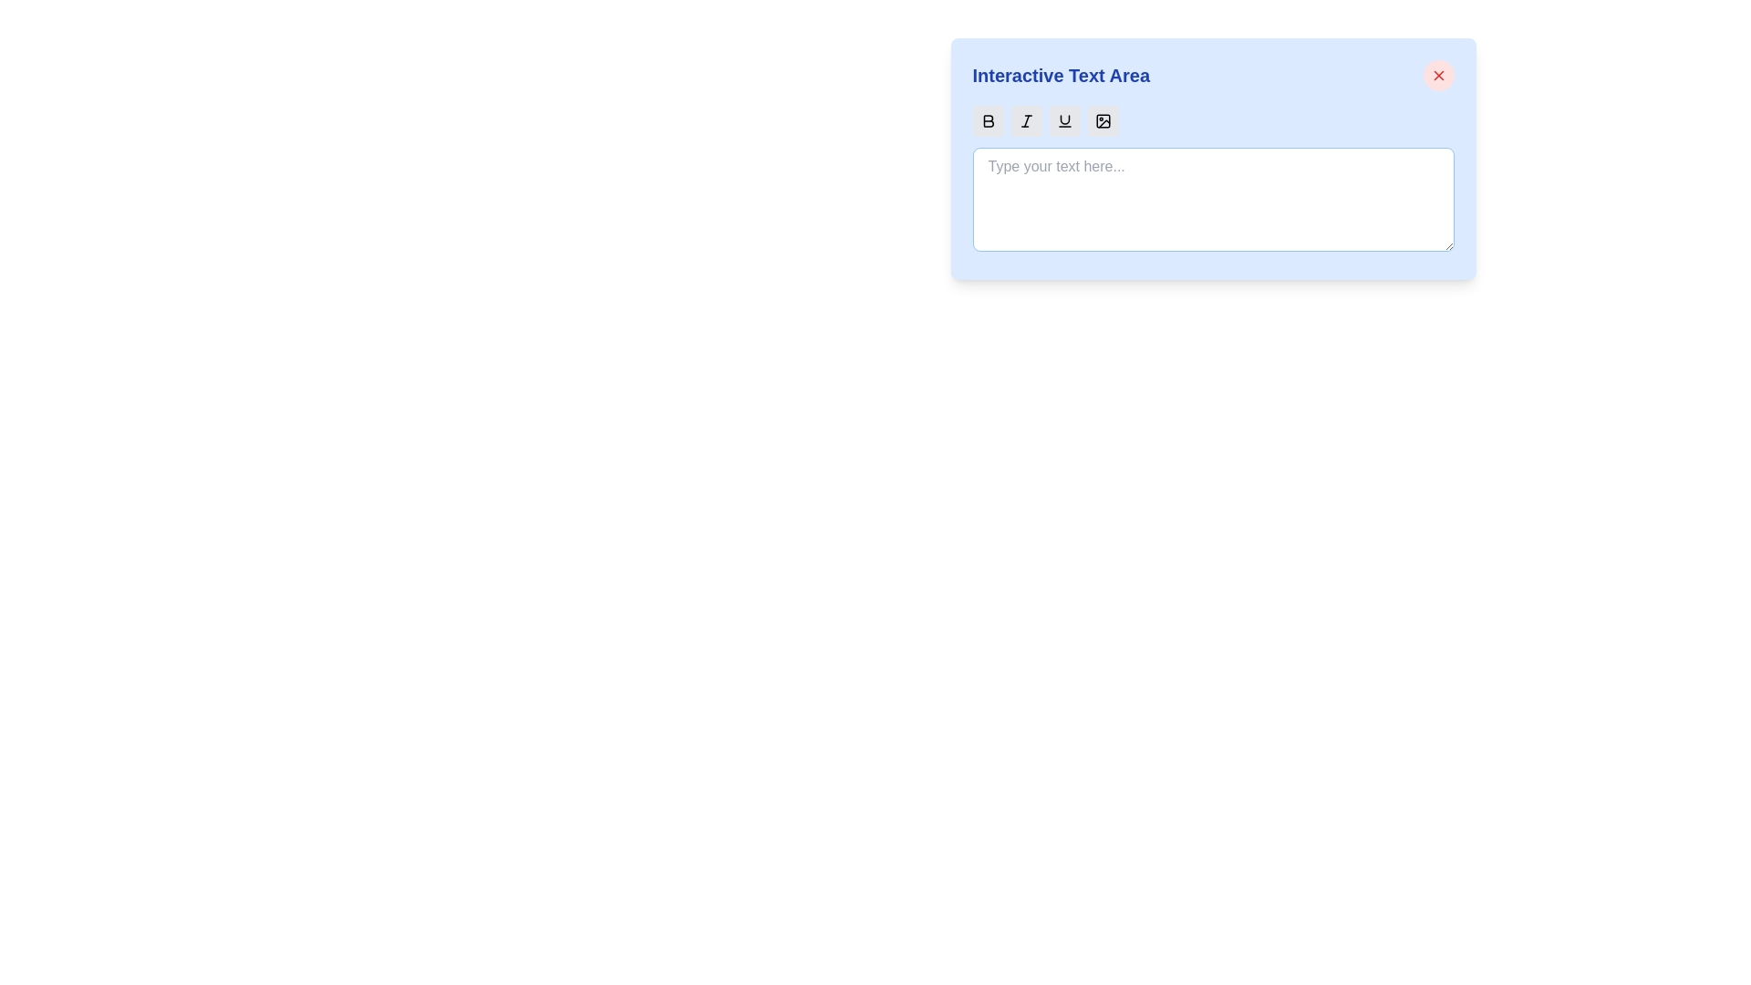 The height and width of the screenshot is (985, 1751). What do you see at coordinates (1026, 120) in the screenshot?
I see `the second icon from the left in the toolbar below the 'Interactive Text Area' title` at bounding box center [1026, 120].